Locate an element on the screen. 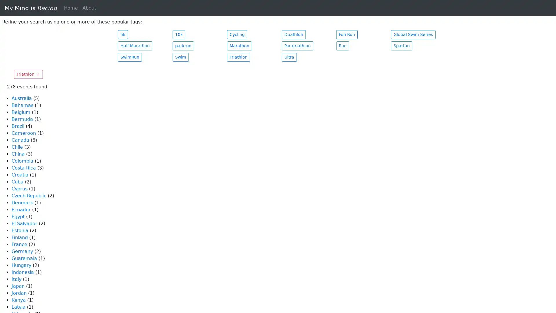  Cycling is located at coordinates (237, 34).